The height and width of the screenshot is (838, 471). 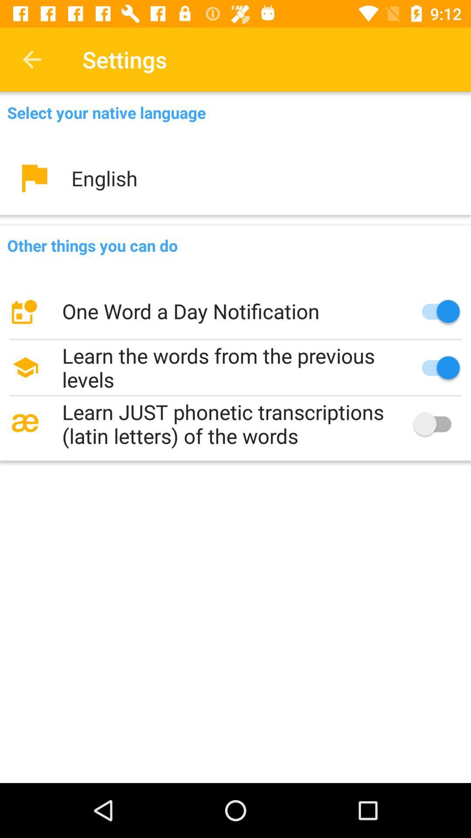 What do you see at coordinates (235, 424) in the screenshot?
I see `learn just phonetic` at bounding box center [235, 424].